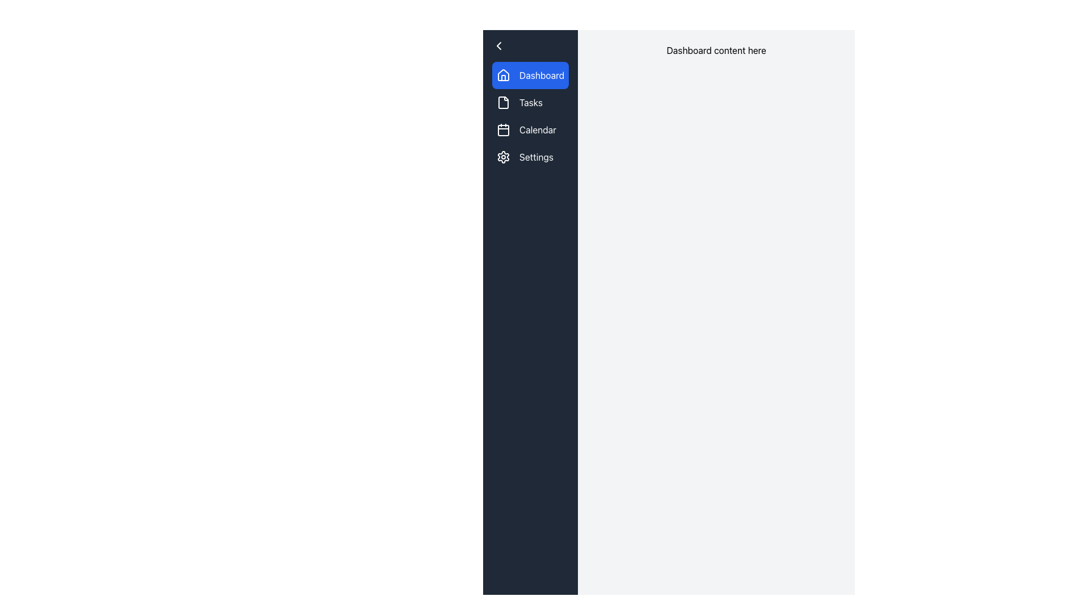  What do you see at coordinates (503, 103) in the screenshot?
I see `the file icon located to the left of the 'Tasks' text label, which is styled with a modern stroke-based design and is the first of two icons in the navigation option for tasks` at bounding box center [503, 103].